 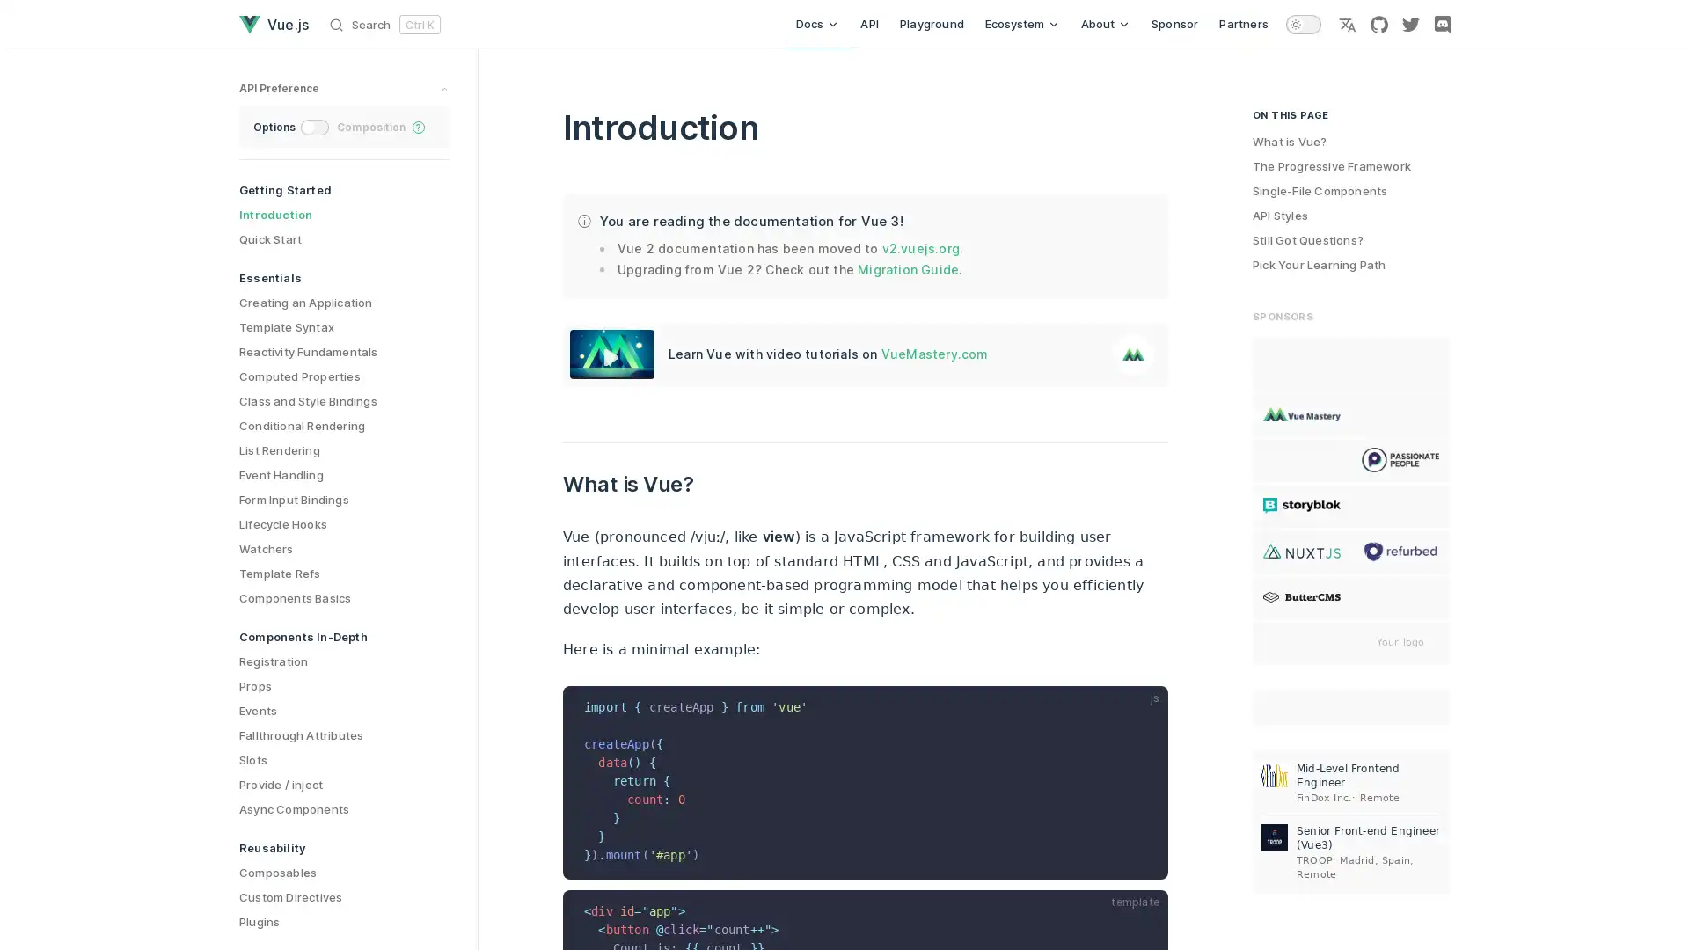 I want to click on preference switches toggle, so click(x=344, y=89).